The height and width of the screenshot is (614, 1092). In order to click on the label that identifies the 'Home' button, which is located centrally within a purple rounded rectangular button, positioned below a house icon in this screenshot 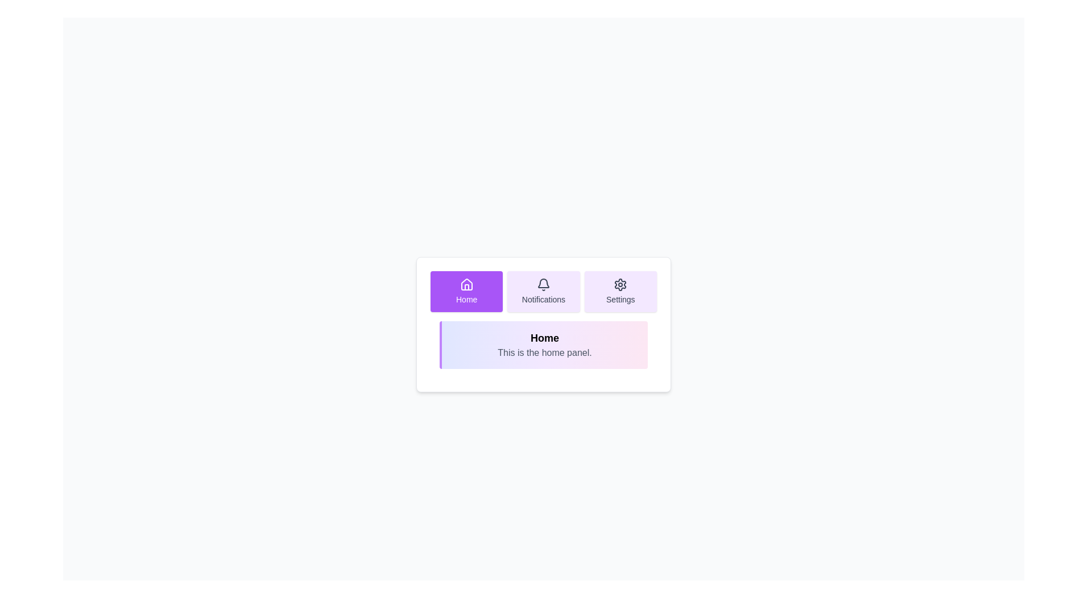, I will do `click(466, 299)`.